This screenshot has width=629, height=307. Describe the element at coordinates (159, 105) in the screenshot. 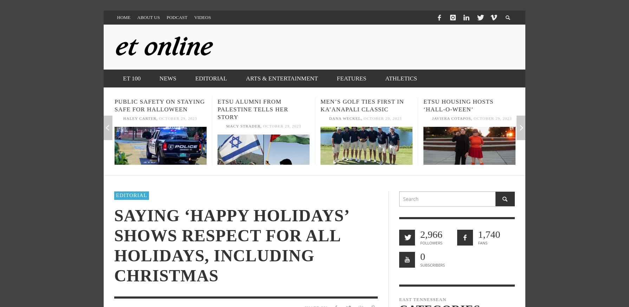

I see `'Public Safety on staying safe for Halloween'` at that location.